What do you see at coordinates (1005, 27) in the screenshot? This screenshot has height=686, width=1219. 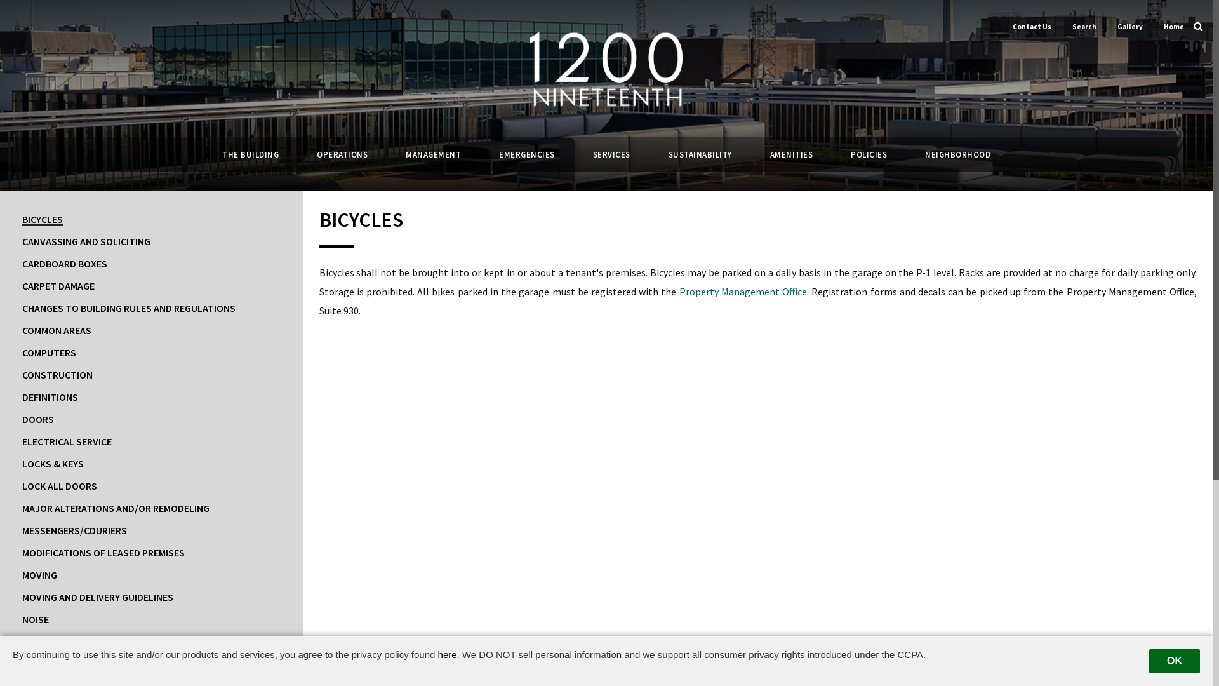 I see `'Contact Us'` at bounding box center [1005, 27].